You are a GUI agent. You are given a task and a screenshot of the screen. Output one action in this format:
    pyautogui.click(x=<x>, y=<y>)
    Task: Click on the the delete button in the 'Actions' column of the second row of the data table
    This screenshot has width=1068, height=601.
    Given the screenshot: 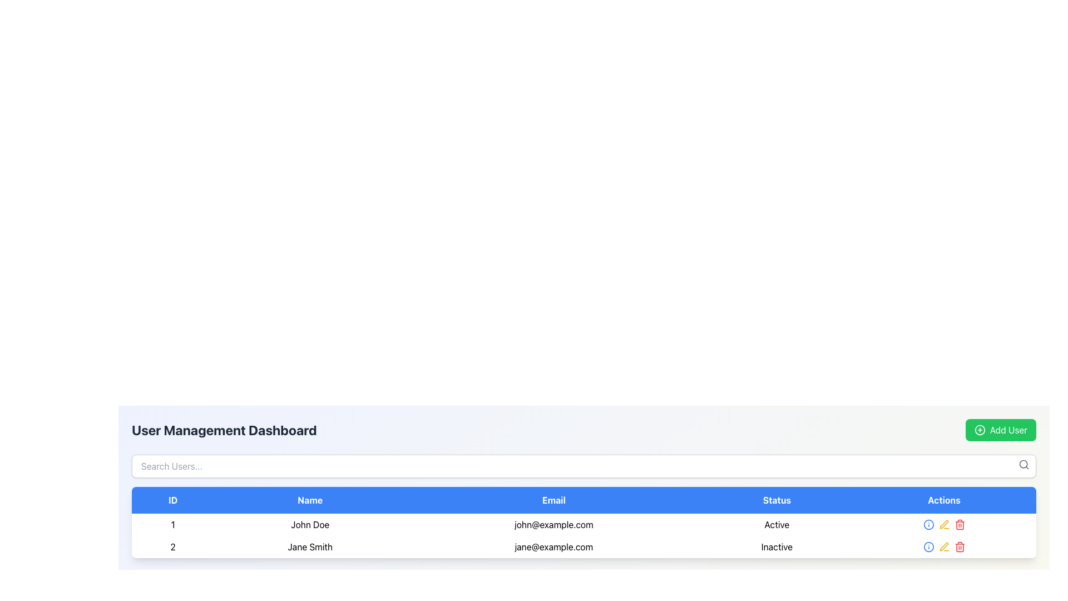 What is the action you would take?
    pyautogui.click(x=959, y=546)
    